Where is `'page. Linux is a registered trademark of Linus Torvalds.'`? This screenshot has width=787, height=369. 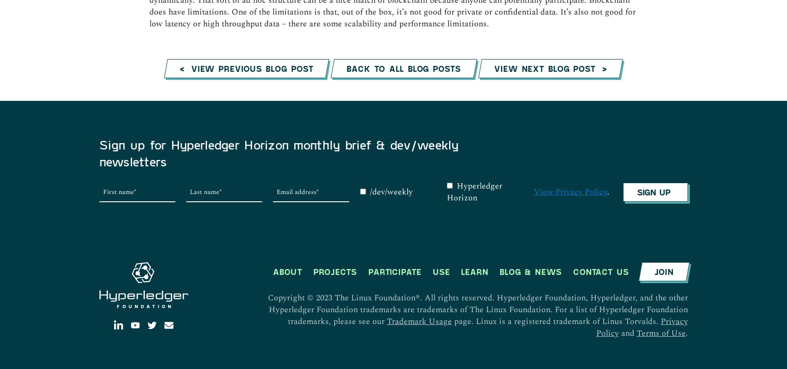 'page. Linux is a registered trademark of Linus Torvalds.' is located at coordinates (556, 131).